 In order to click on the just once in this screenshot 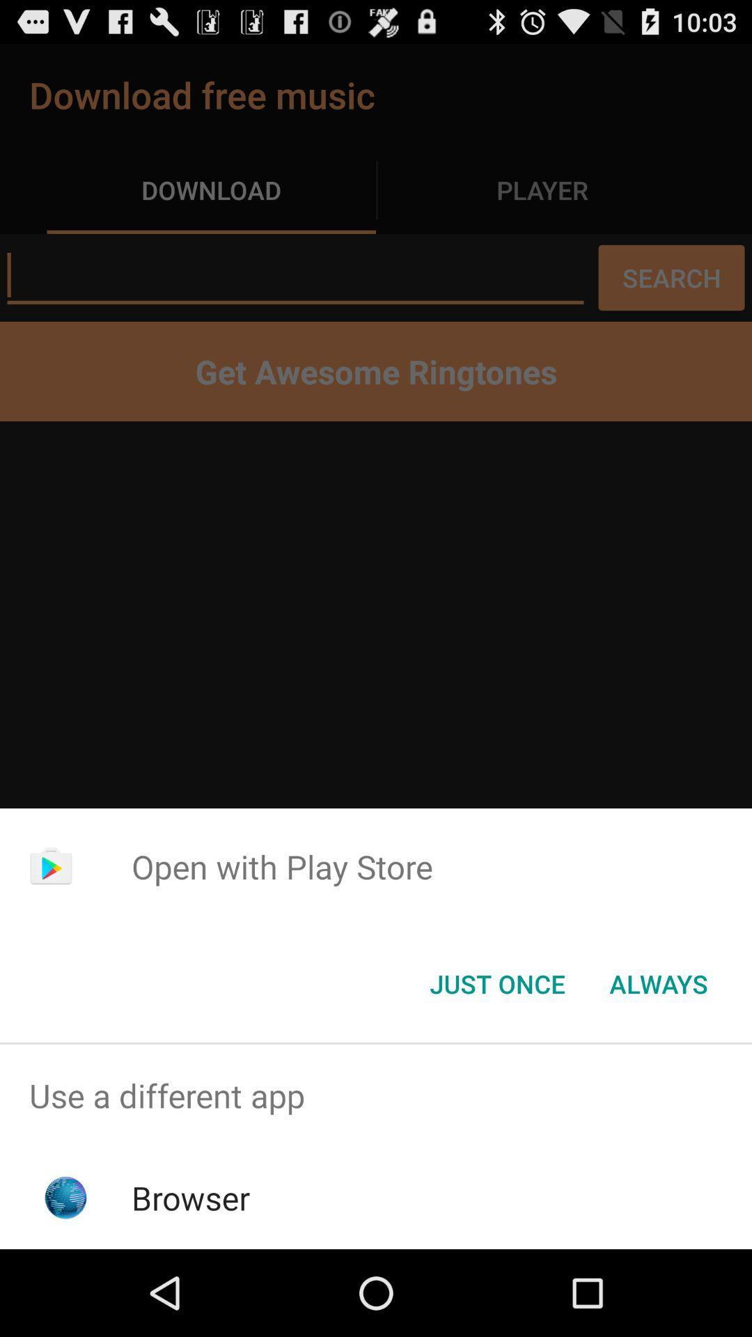, I will do `click(496, 983)`.